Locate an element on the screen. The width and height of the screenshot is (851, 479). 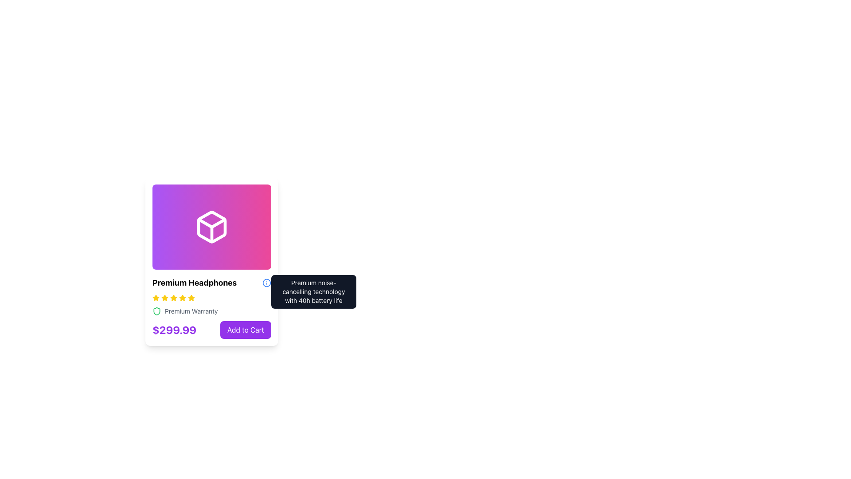
the informational text element labeled 'Premium Warranty' that features a green shield icon, located below the product title 'Premium Headphones' and above the price section is located at coordinates (211, 311).